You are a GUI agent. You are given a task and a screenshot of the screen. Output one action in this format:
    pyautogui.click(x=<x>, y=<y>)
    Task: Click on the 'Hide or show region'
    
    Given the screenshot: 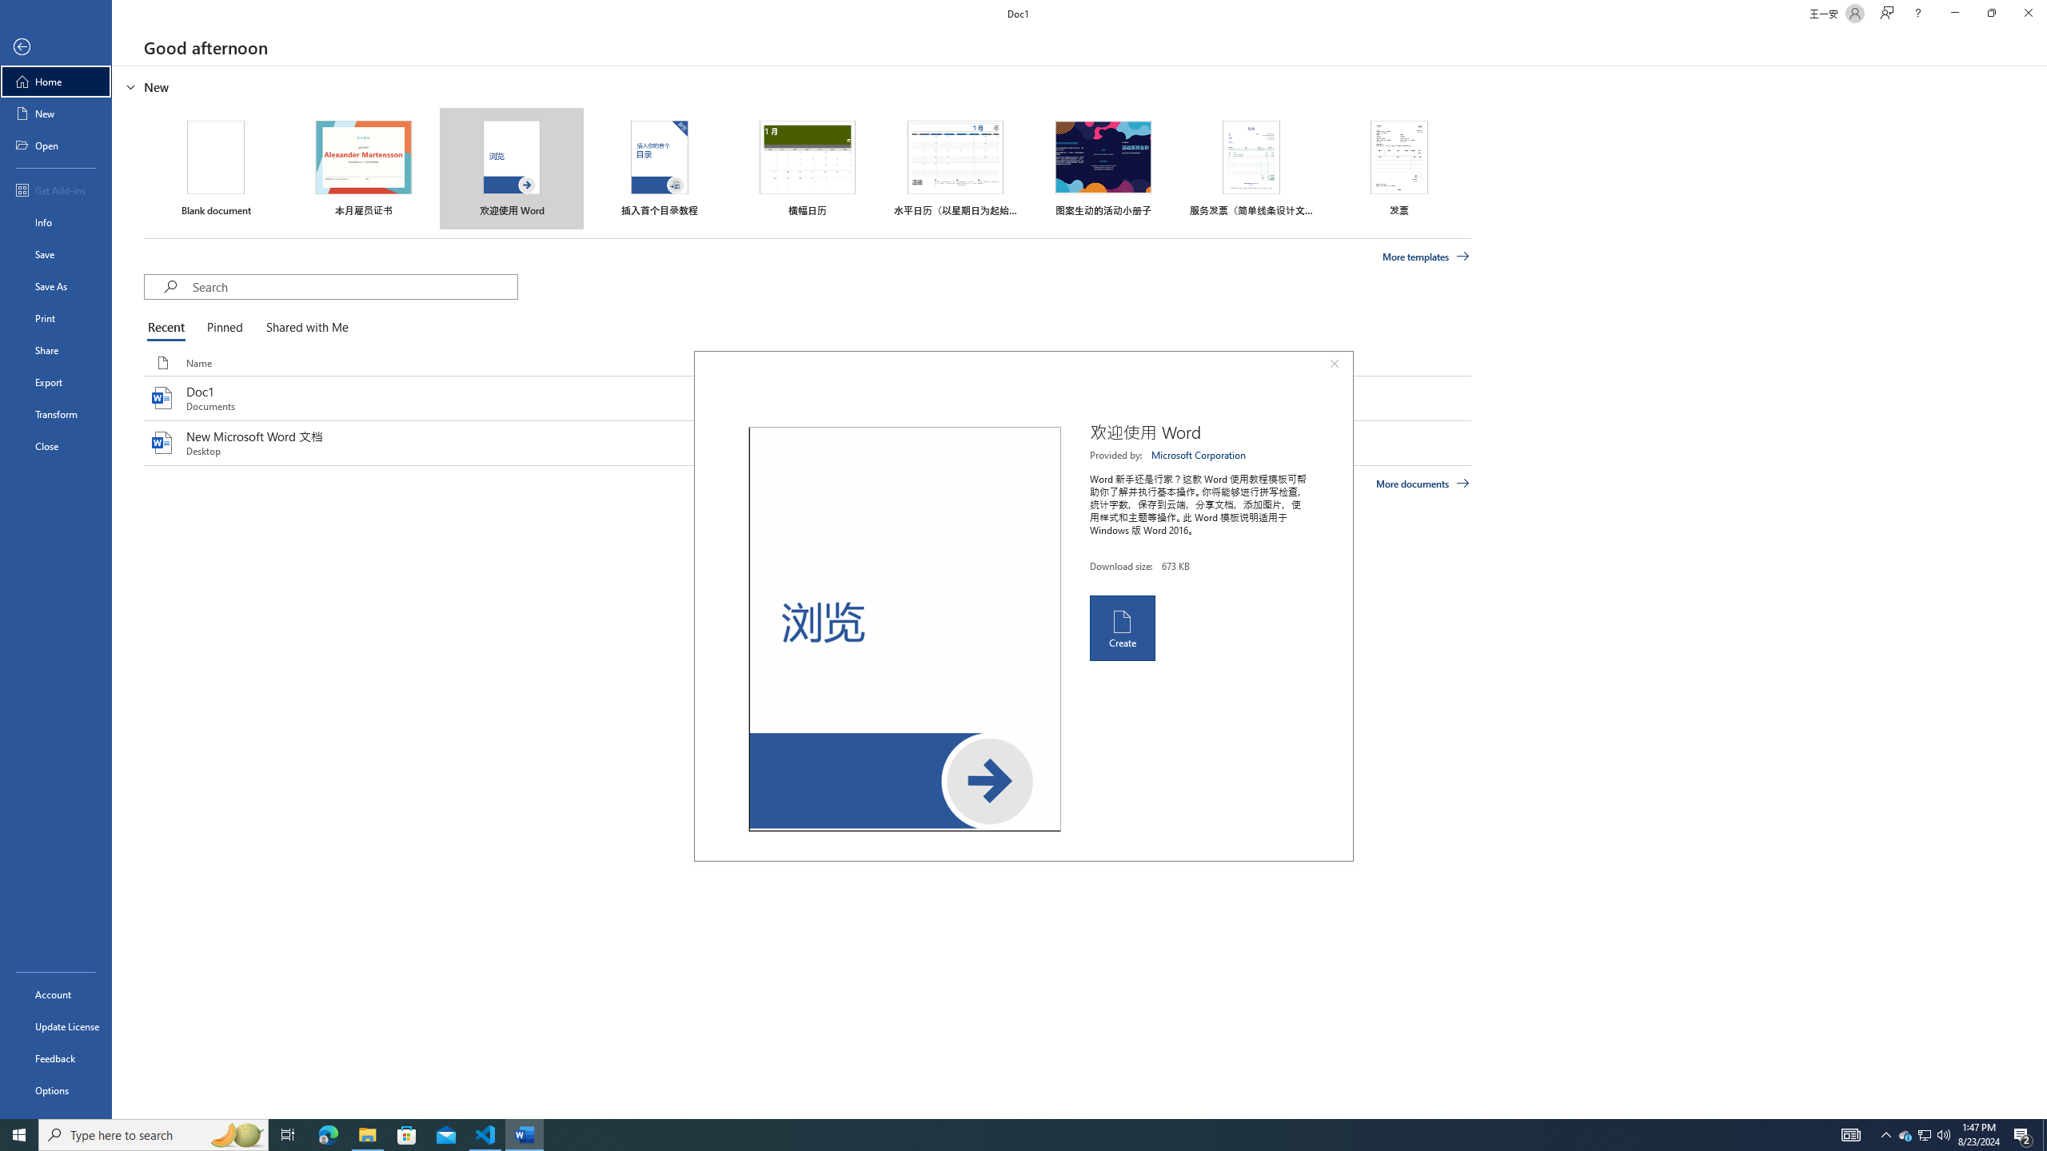 What is the action you would take?
    pyautogui.click(x=130, y=86)
    